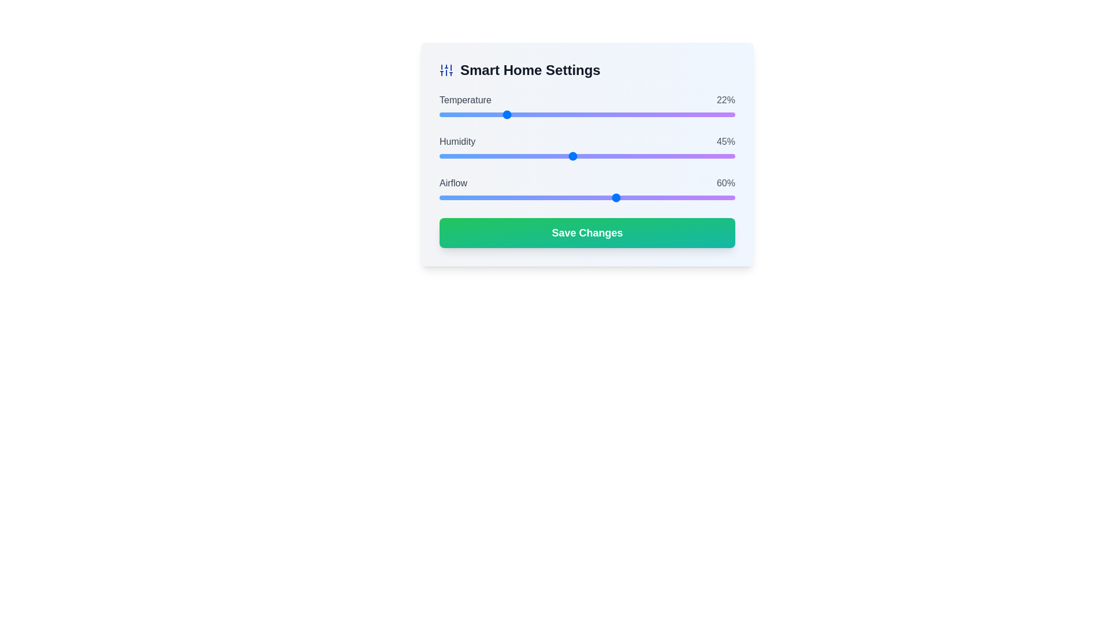 Image resolution: width=1109 pixels, height=623 pixels. Describe the element at coordinates (501, 115) in the screenshot. I see `the slider` at that location.